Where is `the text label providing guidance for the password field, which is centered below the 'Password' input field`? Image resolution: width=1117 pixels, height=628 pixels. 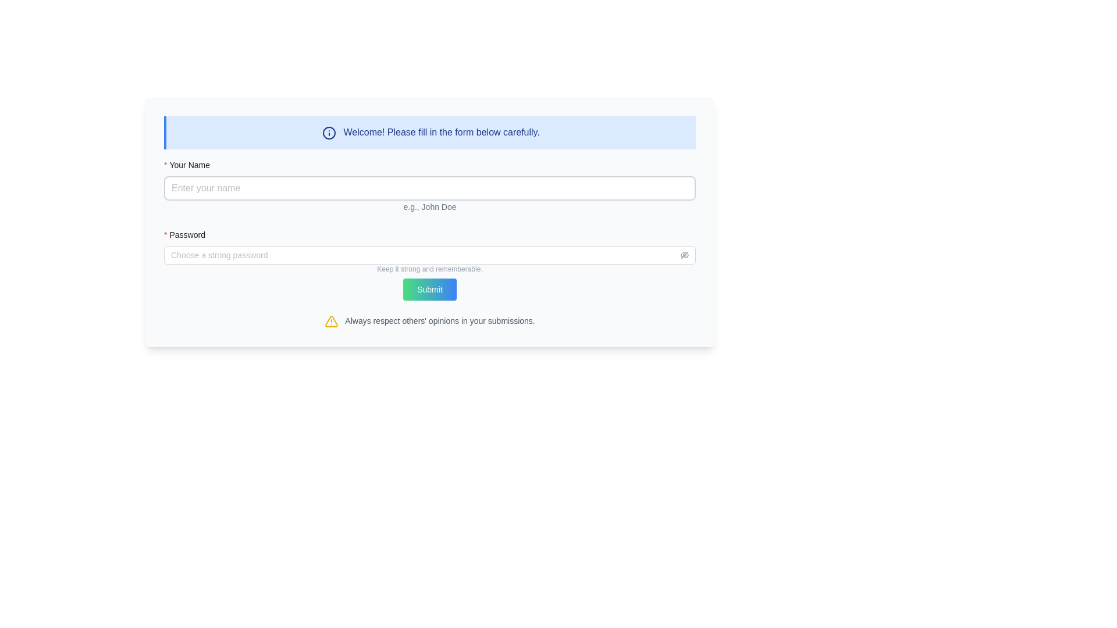
the text label providing guidance for the password field, which is centered below the 'Password' input field is located at coordinates (429, 271).